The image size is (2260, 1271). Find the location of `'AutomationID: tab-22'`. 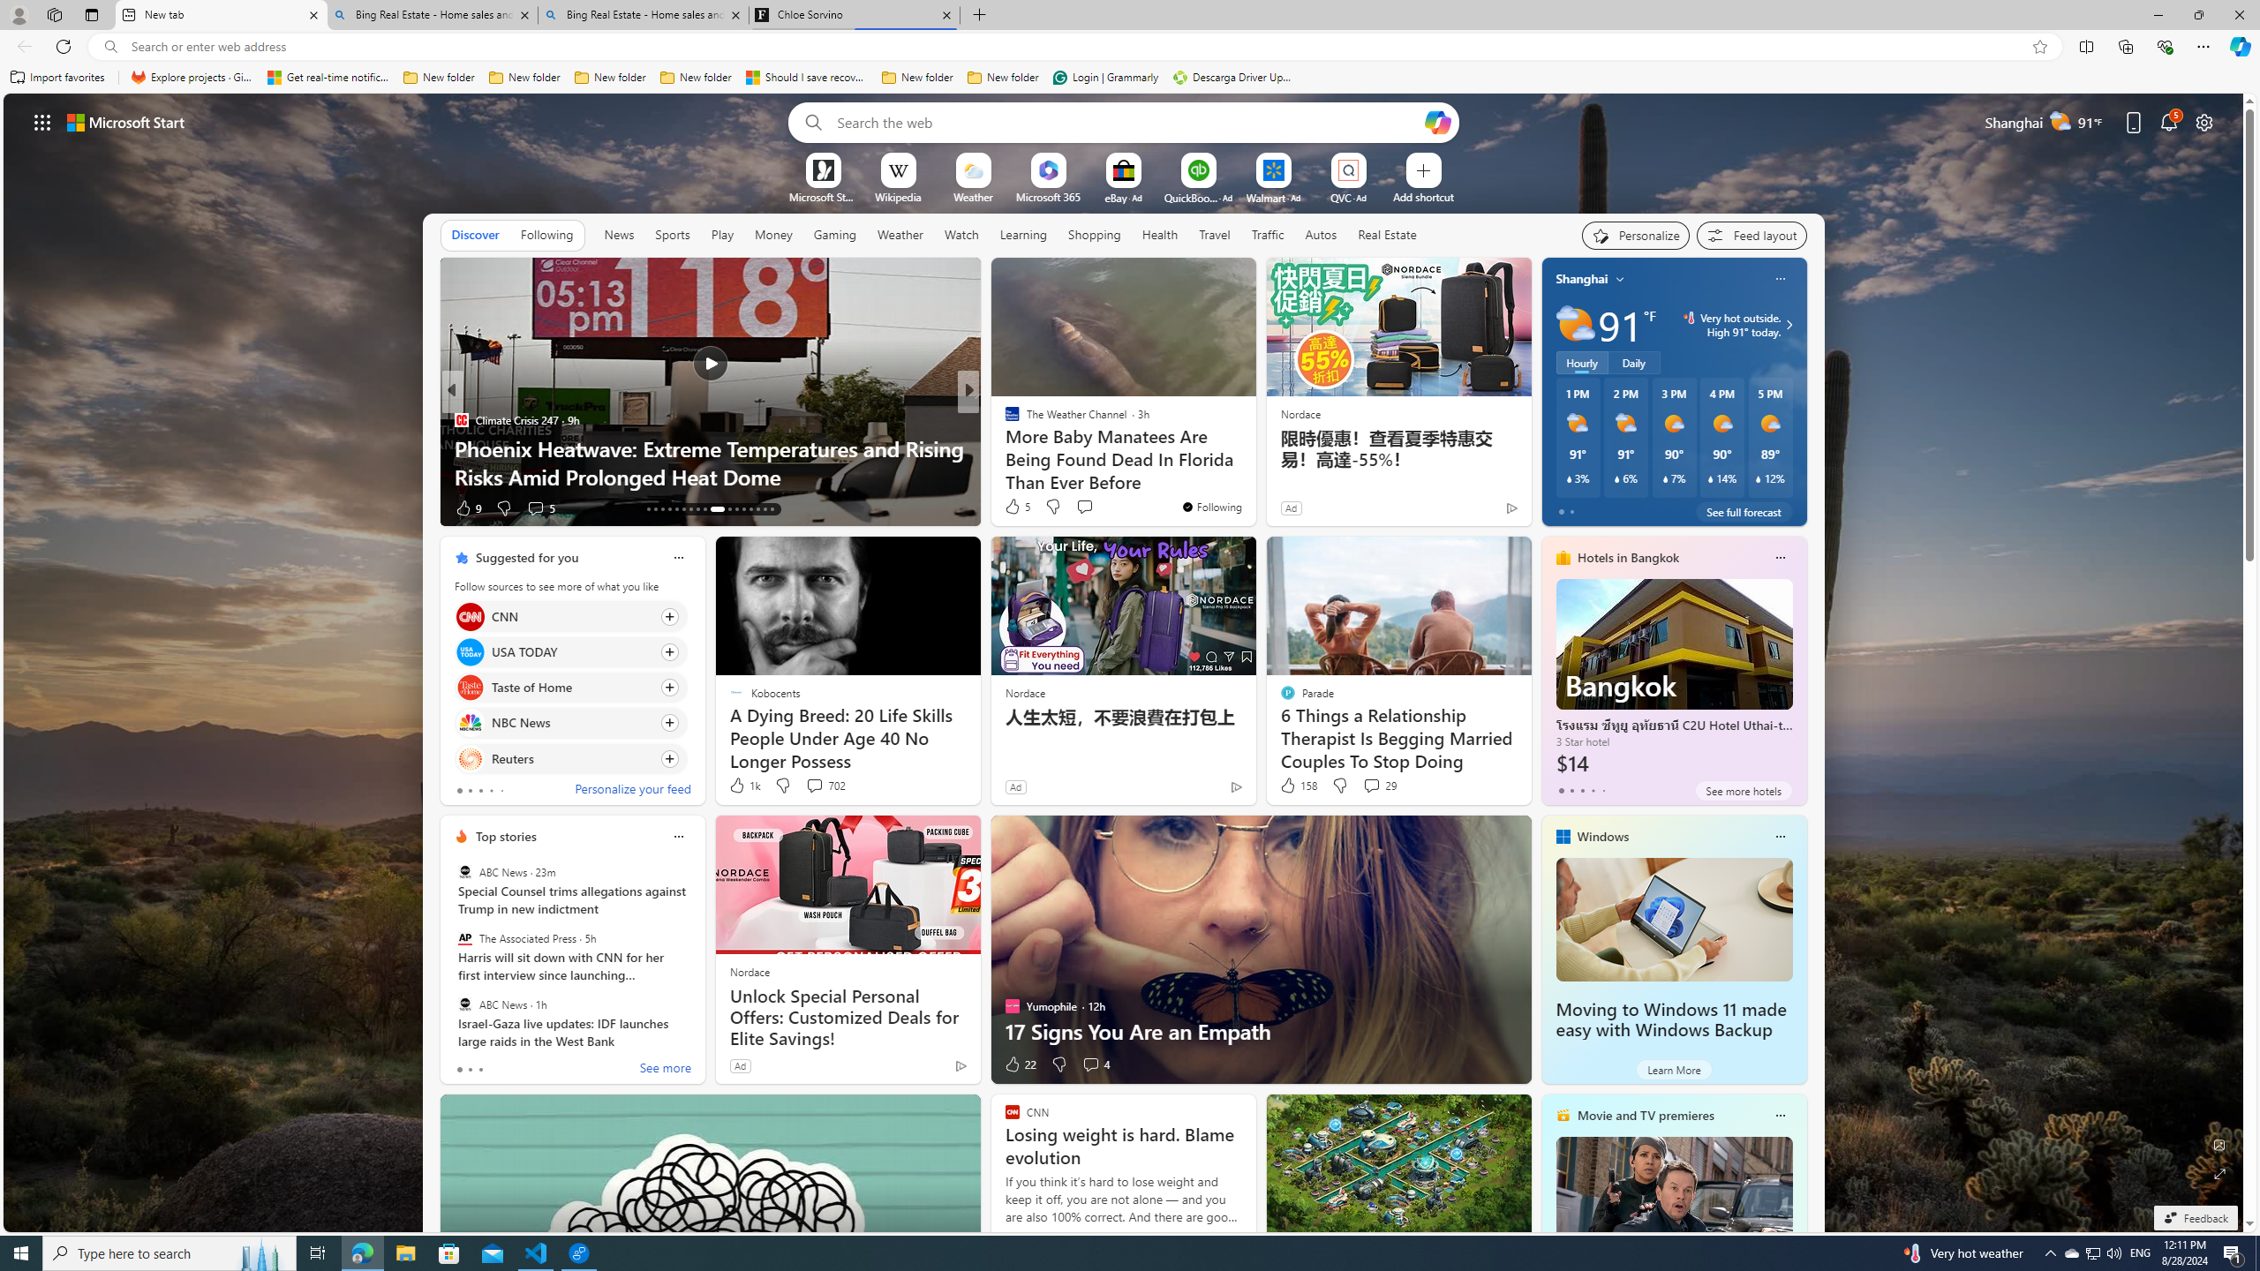

'AutomationID: tab-22' is located at coordinates (712, 509).